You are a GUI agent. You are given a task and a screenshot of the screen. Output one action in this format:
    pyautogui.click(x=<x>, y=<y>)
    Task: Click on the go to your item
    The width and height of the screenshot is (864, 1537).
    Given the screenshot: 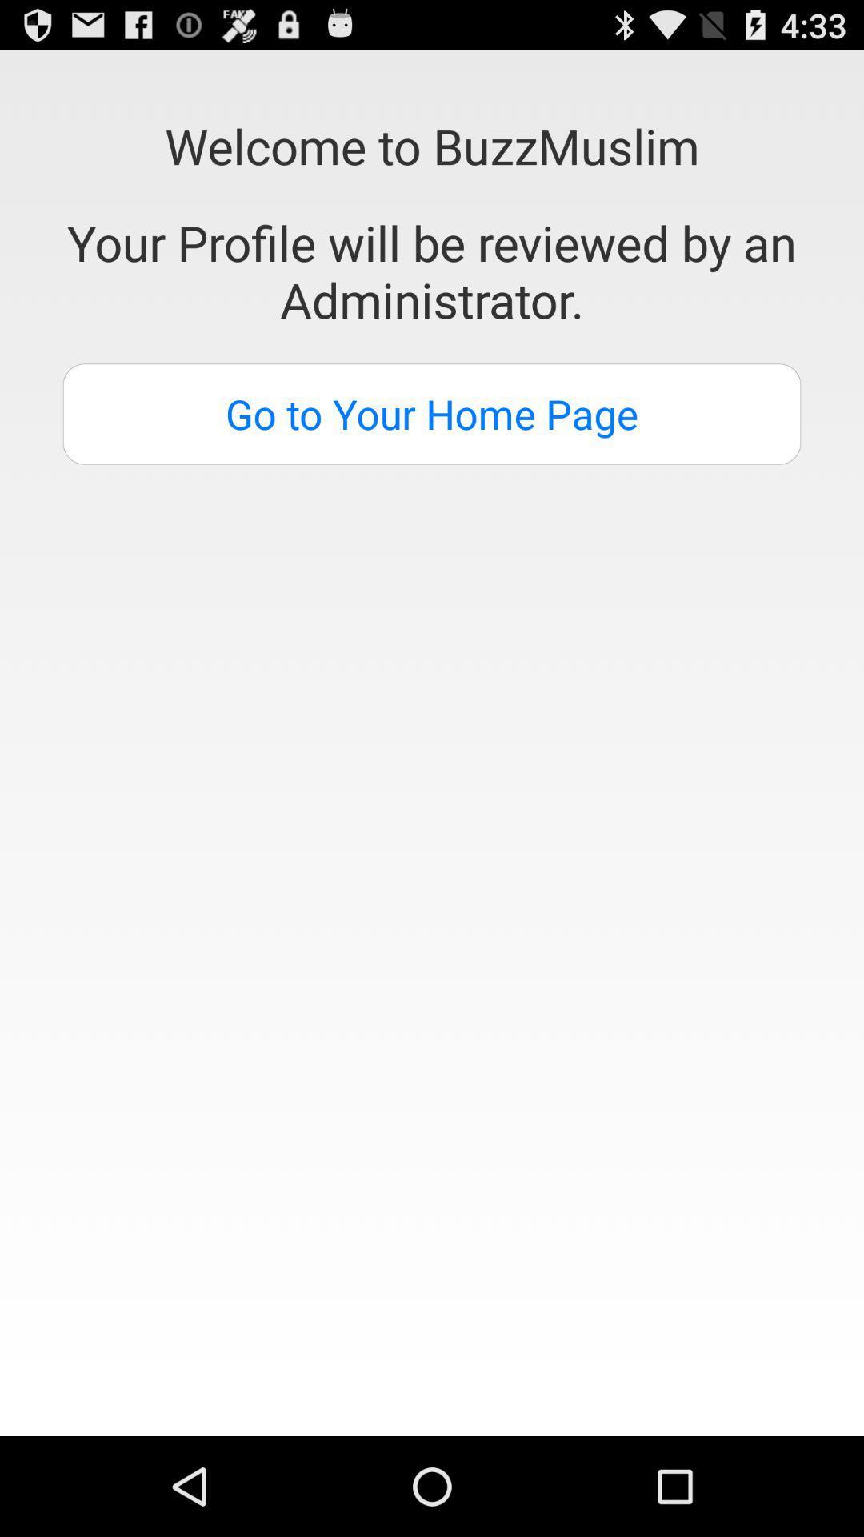 What is the action you would take?
    pyautogui.click(x=432, y=414)
    